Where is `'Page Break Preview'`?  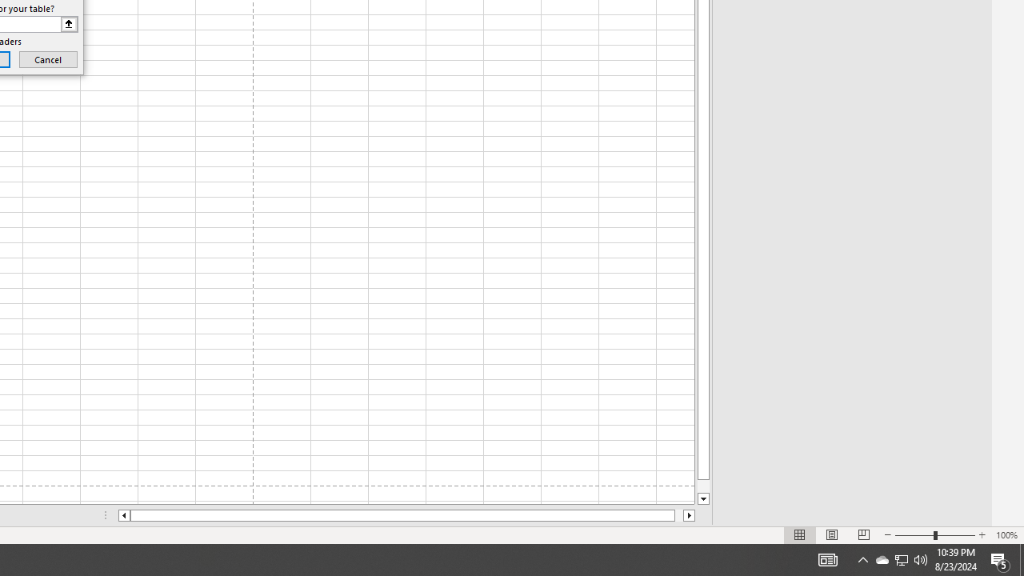 'Page Break Preview' is located at coordinates (862, 535).